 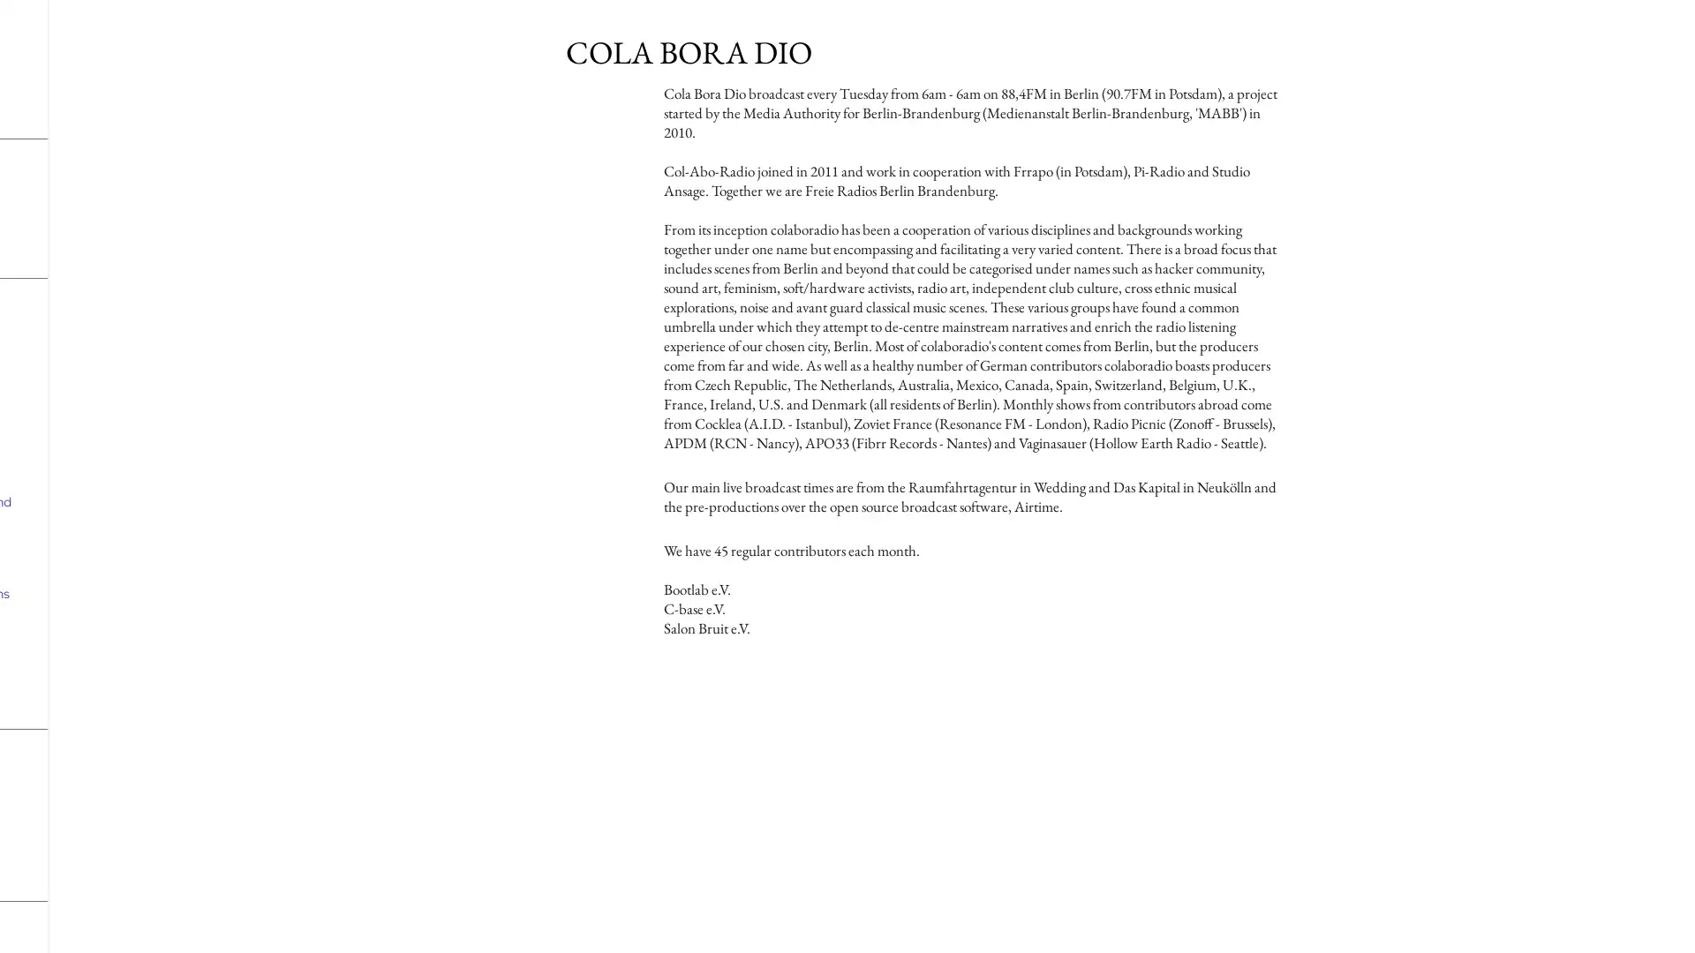 What do you see at coordinates (175, 74) in the screenshot?
I see `show more media controls` at bounding box center [175, 74].